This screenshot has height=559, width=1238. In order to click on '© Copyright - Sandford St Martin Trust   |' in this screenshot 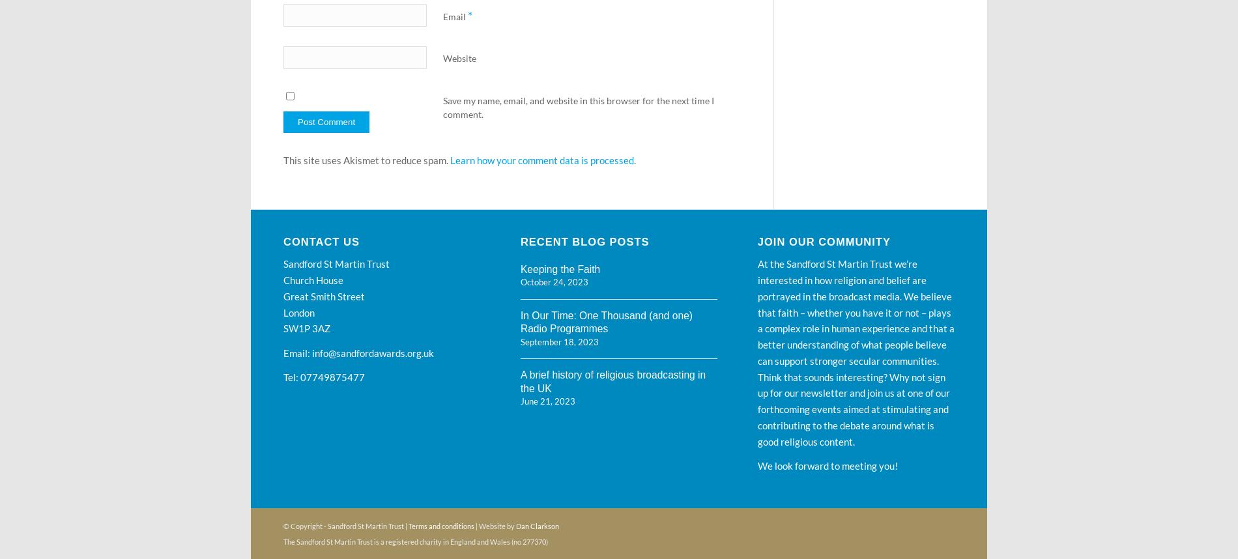, I will do `click(346, 525)`.